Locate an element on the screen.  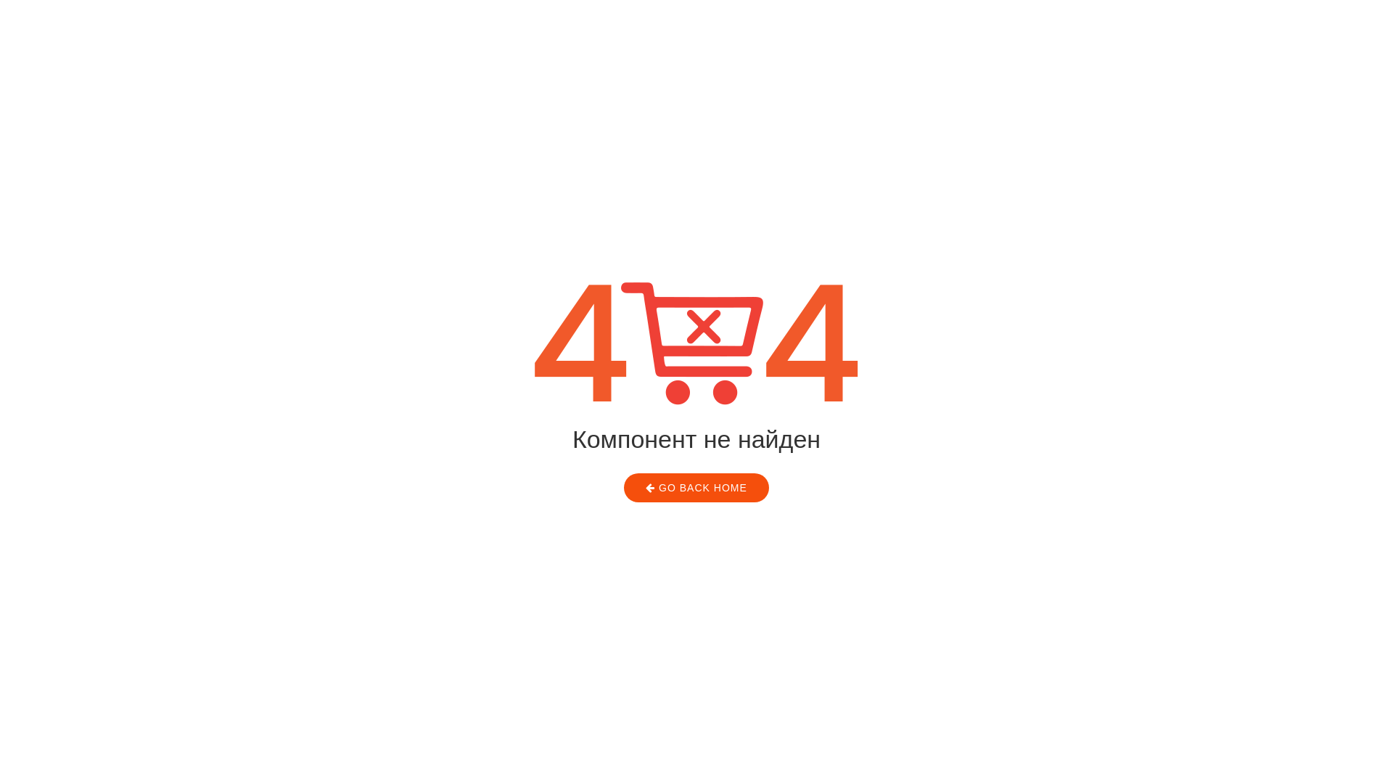
'GO BACK HOME' is located at coordinates (623, 487).